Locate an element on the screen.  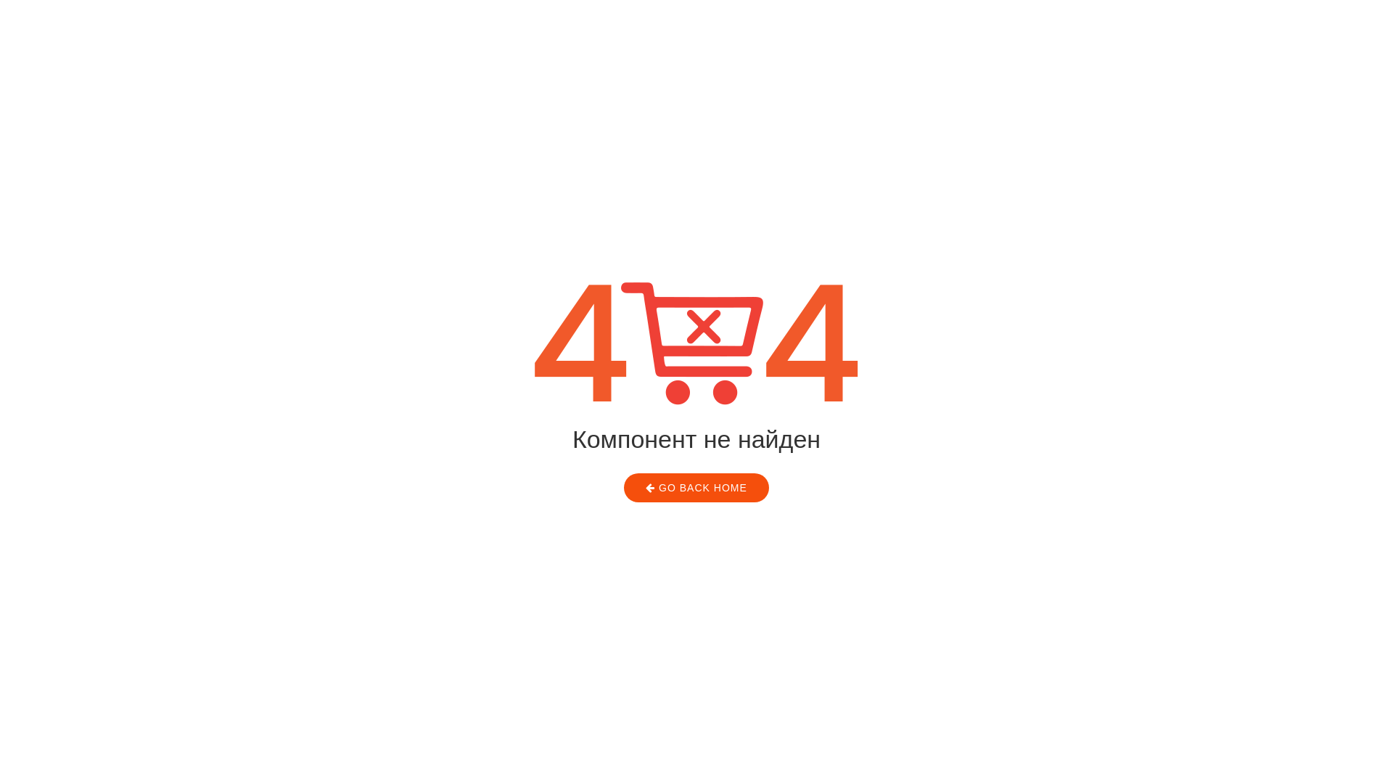
'GO BACK HOME' is located at coordinates (623, 487).